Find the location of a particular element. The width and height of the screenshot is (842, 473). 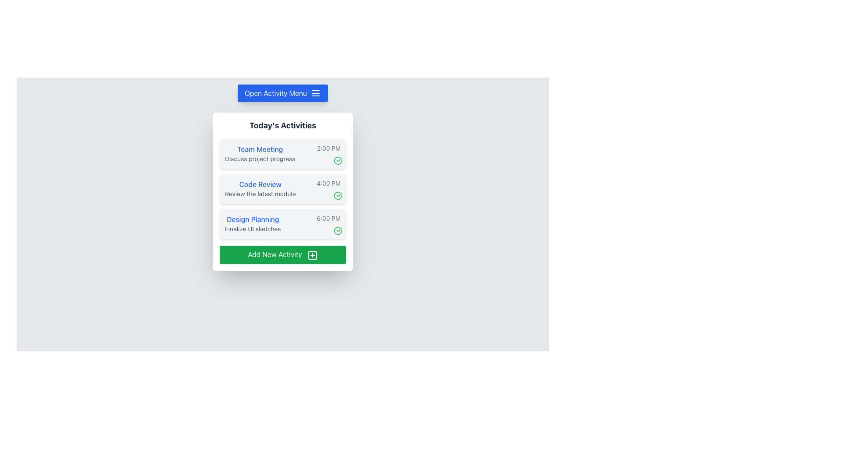

the text label displaying 'Design Planning', which is the third entry in the list of activities, positioned below 'Code Review' and above the 'Add New Activity' button is located at coordinates (252, 219).